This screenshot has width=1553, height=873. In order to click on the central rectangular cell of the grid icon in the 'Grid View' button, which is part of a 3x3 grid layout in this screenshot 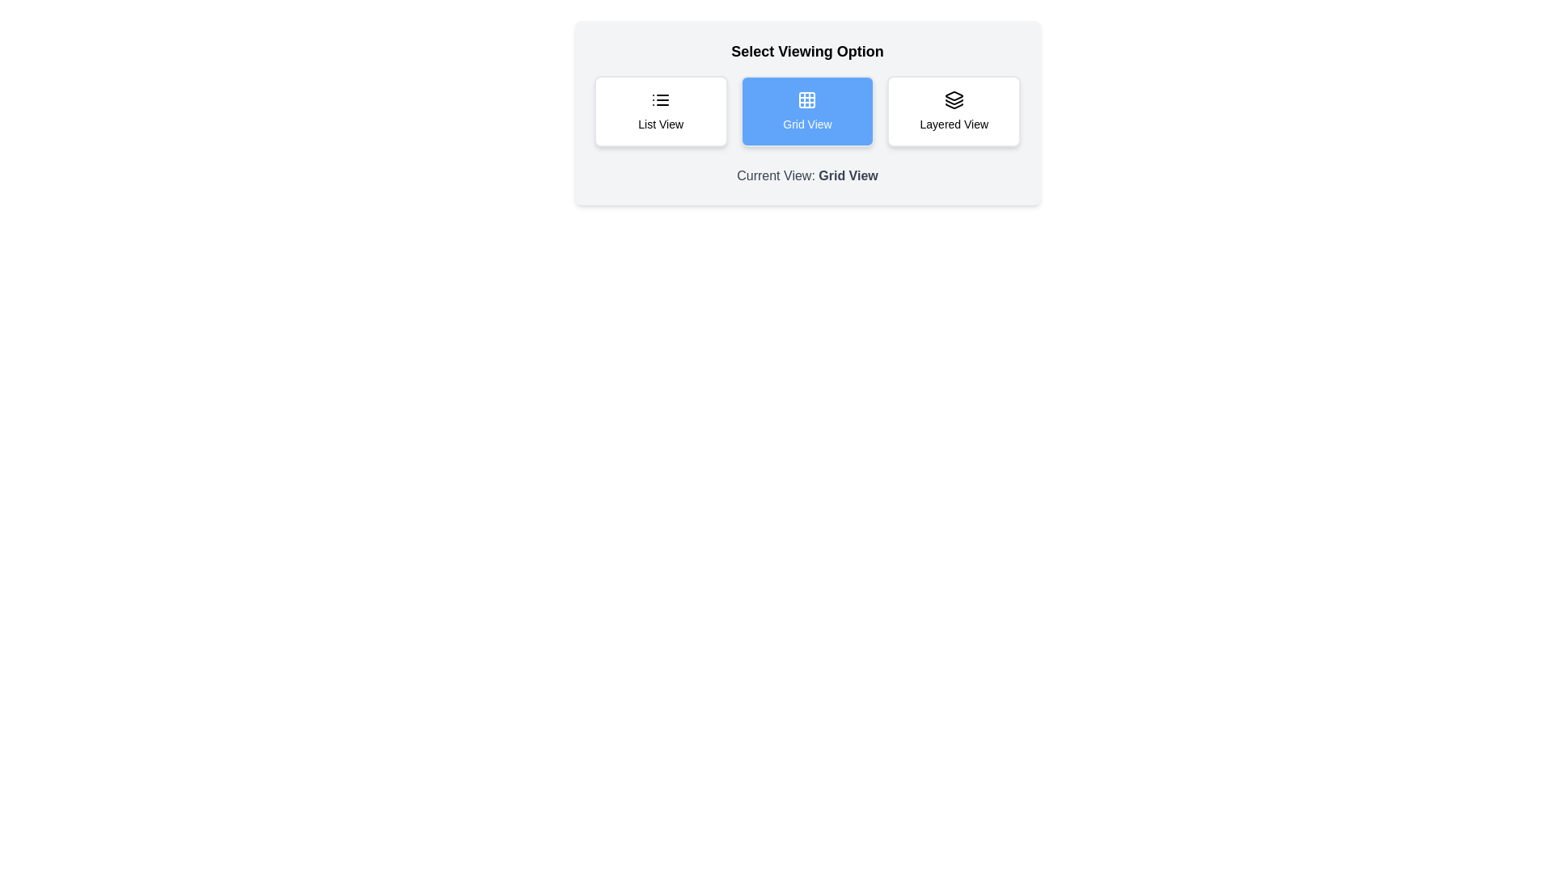, I will do `click(807, 99)`.